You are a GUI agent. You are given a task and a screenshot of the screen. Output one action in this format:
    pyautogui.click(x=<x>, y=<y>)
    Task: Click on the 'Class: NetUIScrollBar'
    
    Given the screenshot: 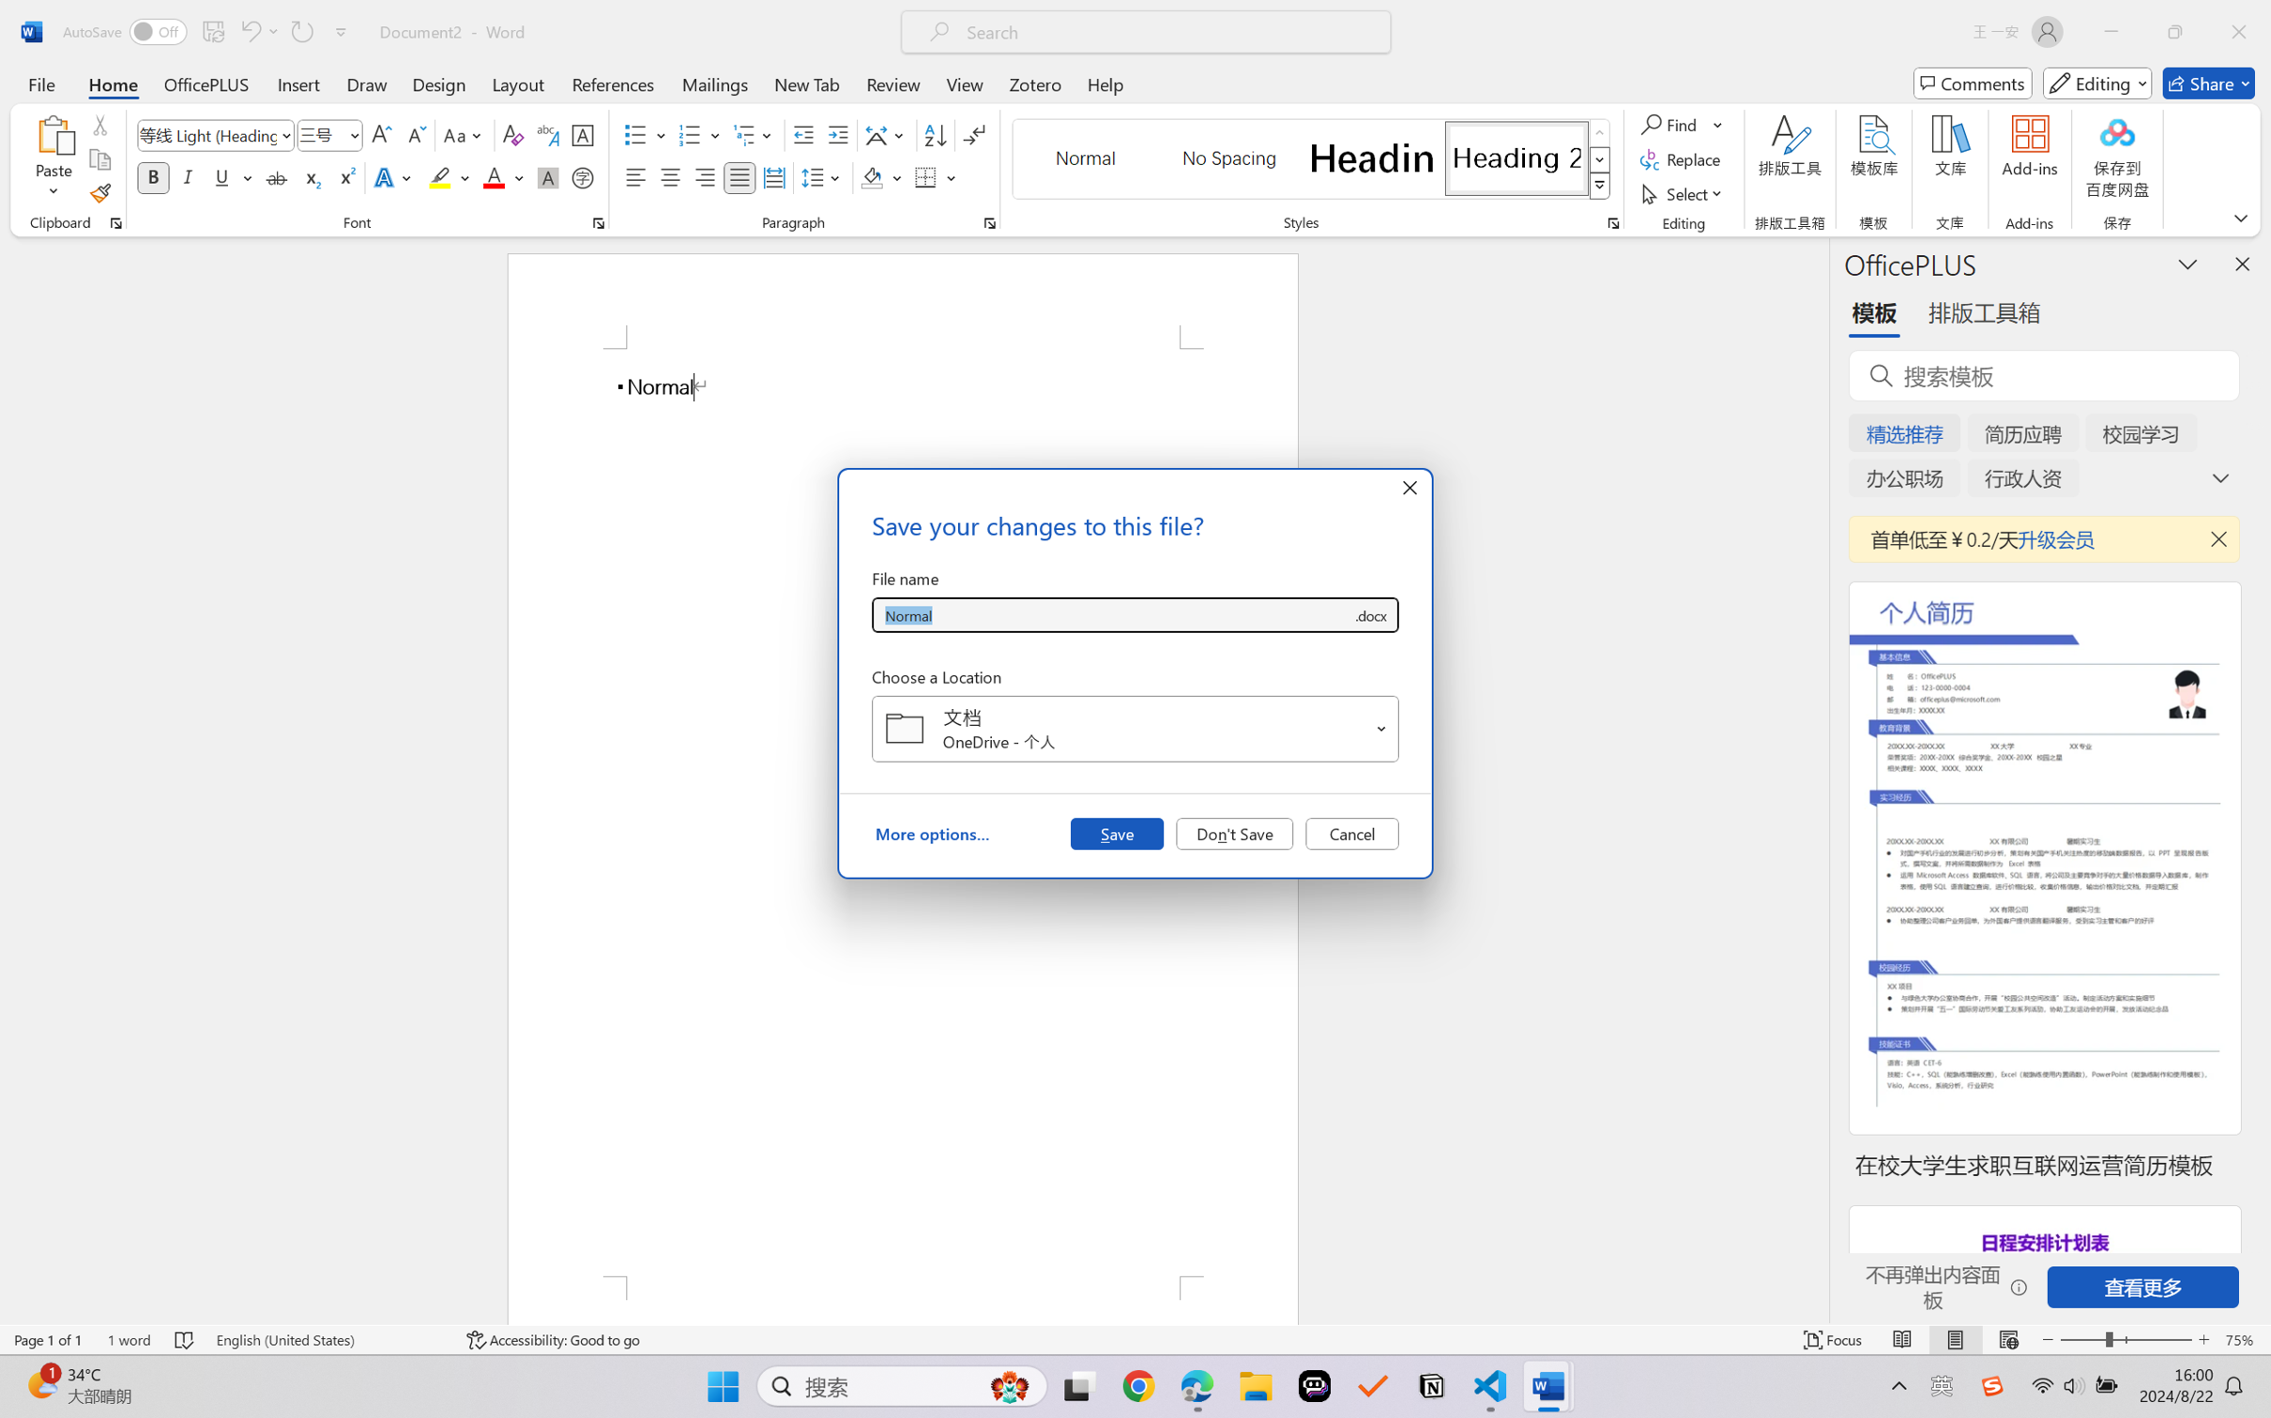 What is the action you would take?
    pyautogui.click(x=1817, y=779)
    